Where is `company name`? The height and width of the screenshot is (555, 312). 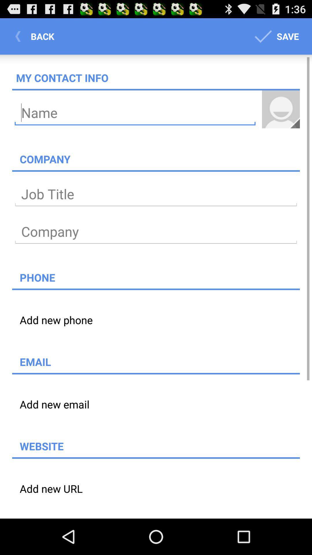
company name is located at coordinates (156, 232).